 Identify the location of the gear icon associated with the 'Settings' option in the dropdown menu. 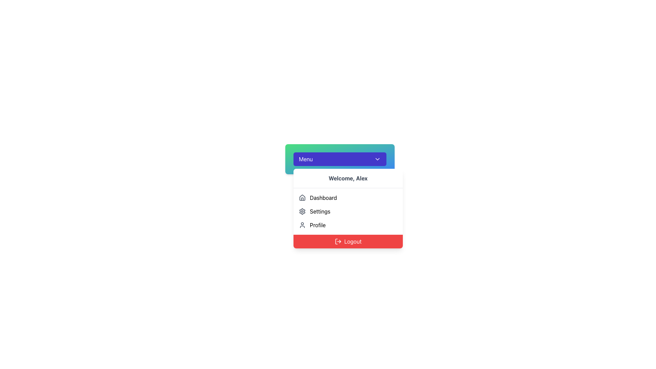
(302, 211).